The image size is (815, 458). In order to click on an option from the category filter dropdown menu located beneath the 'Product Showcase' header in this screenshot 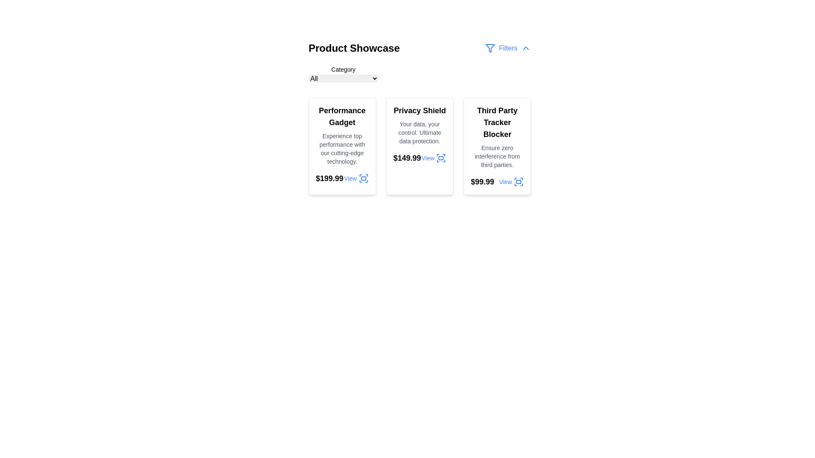, I will do `click(419, 74)`.